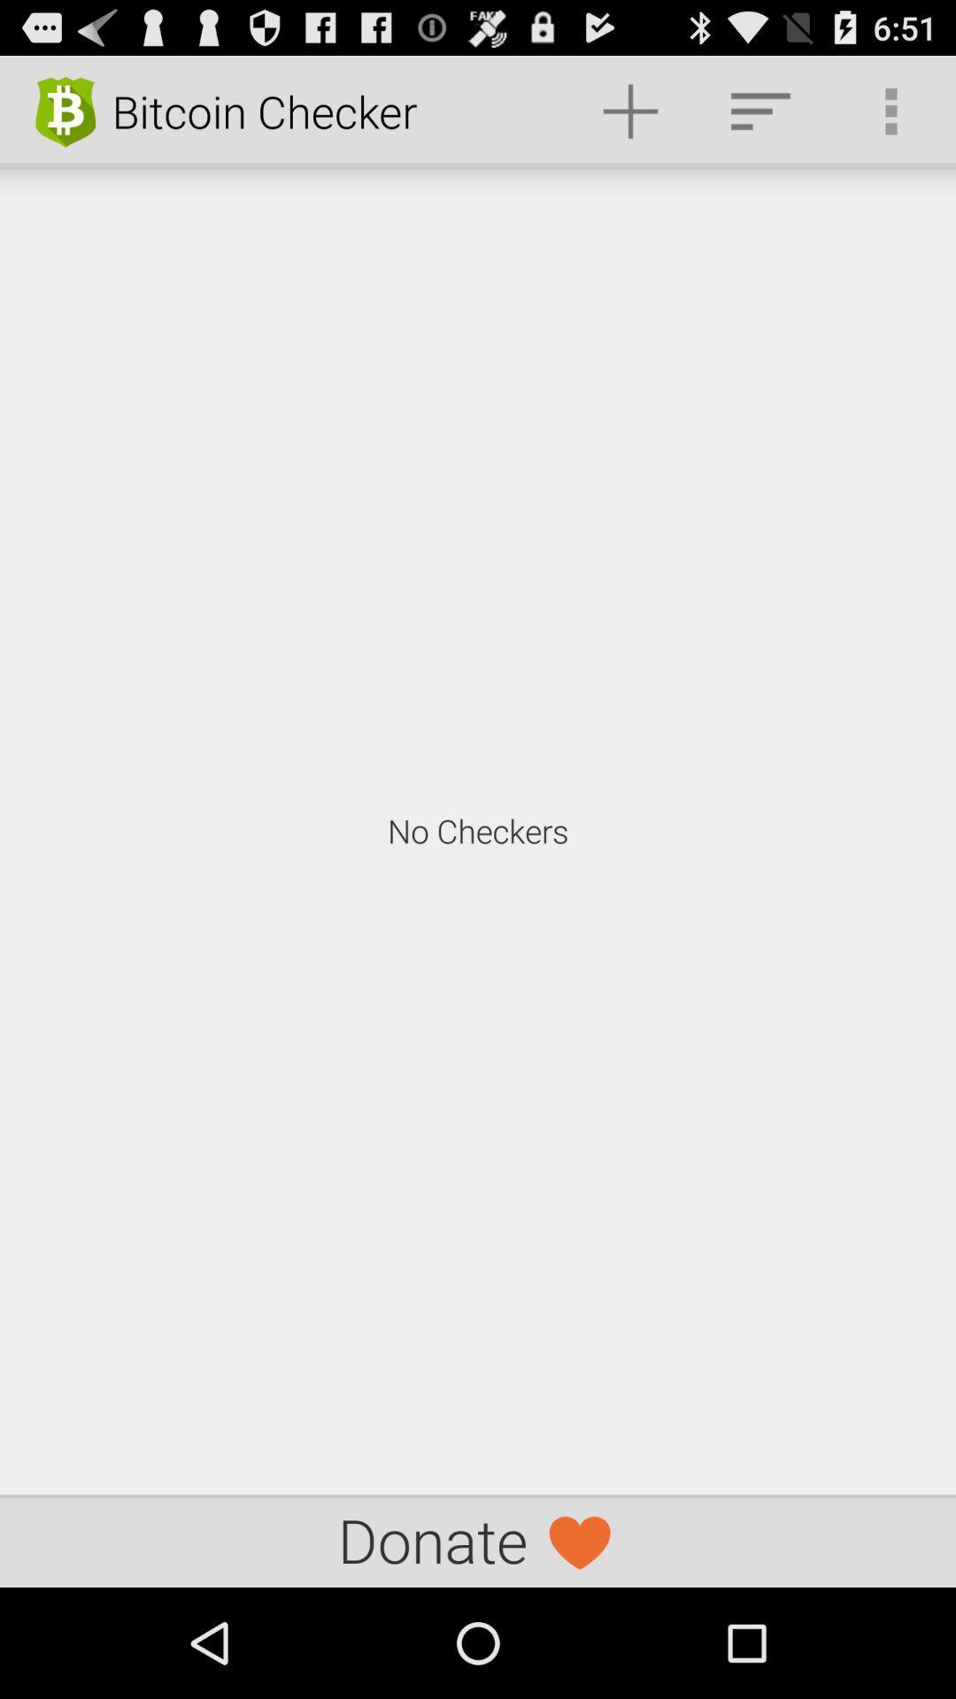 This screenshot has width=956, height=1699. I want to click on item to the right of bitcoin checker item, so click(629, 110).